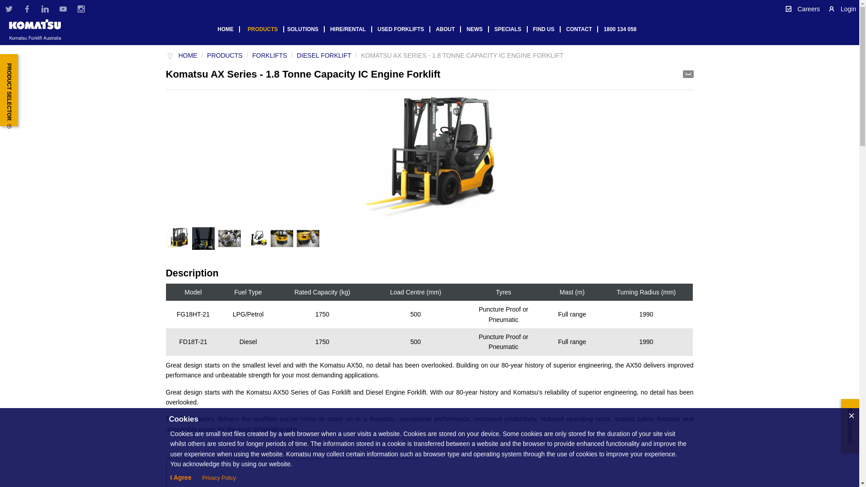 The width and height of the screenshot is (866, 487). I want to click on 'Careers', so click(802, 9).